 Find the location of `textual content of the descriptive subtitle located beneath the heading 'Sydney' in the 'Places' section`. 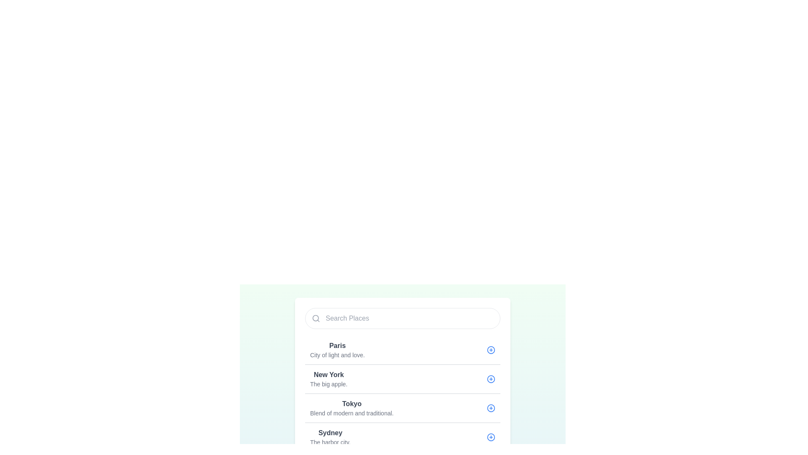

textual content of the descriptive subtitle located beneath the heading 'Sydney' in the 'Places' section is located at coordinates (330, 442).